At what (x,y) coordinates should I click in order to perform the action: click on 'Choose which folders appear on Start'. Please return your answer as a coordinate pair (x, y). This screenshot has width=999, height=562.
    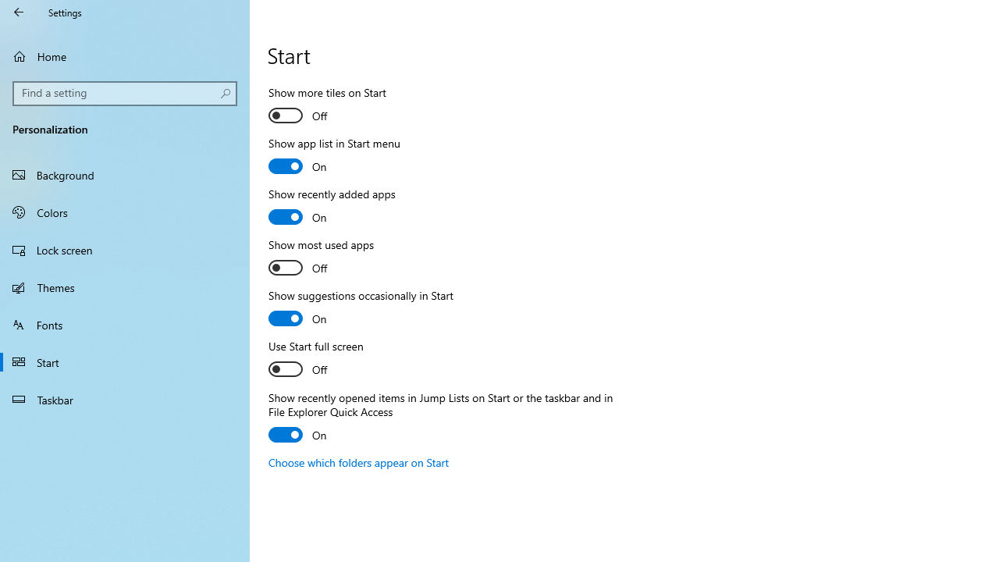
    Looking at the image, I should click on (358, 461).